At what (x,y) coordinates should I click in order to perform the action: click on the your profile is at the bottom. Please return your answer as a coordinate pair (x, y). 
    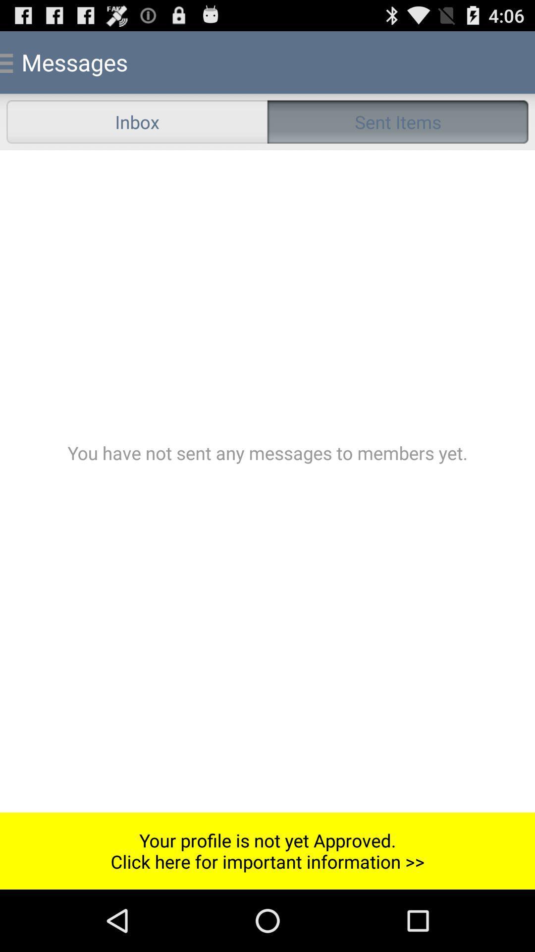
    Looking at the image, I should click on (267, 850).